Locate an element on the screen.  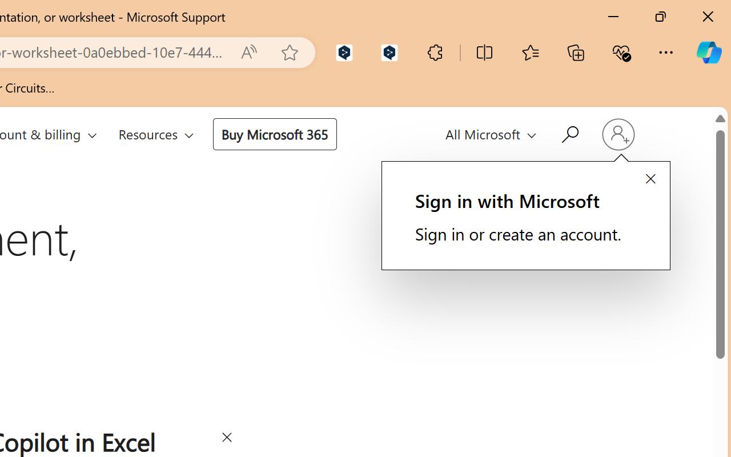
'Close Ad' is located at coordinates (226, 439).